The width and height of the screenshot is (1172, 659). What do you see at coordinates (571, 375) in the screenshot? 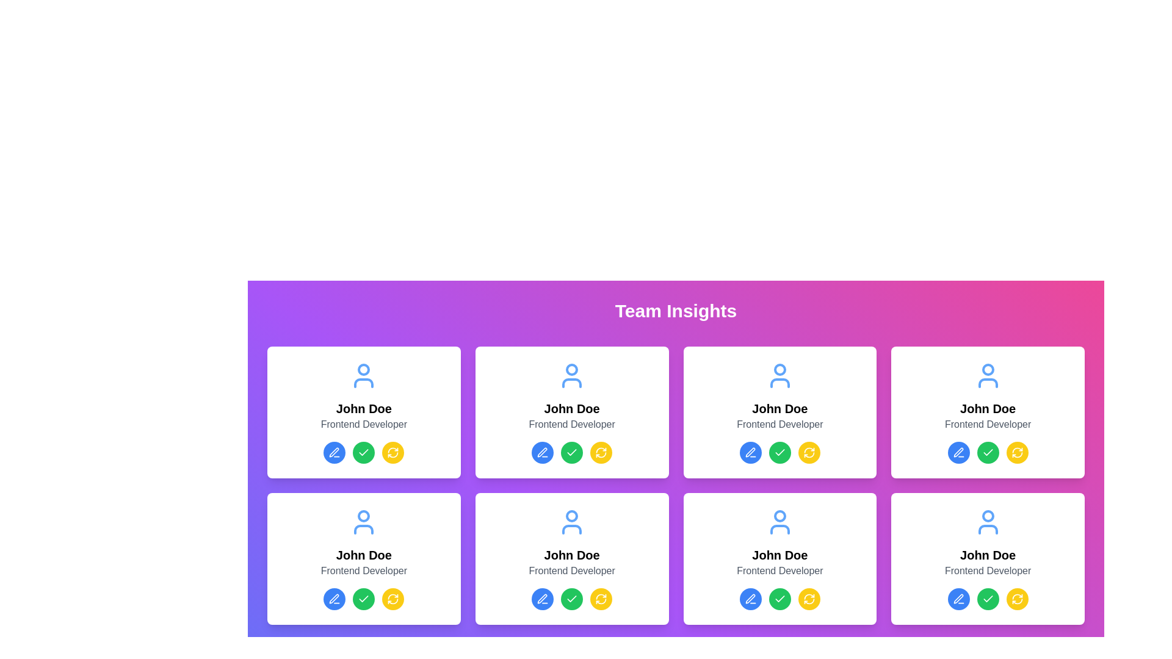
I see `the user profile icon located at the top middle card of the grid layout, positioned above the text 'John Doe' and 'Frontend Developer'` at bounding box center [571, 375].